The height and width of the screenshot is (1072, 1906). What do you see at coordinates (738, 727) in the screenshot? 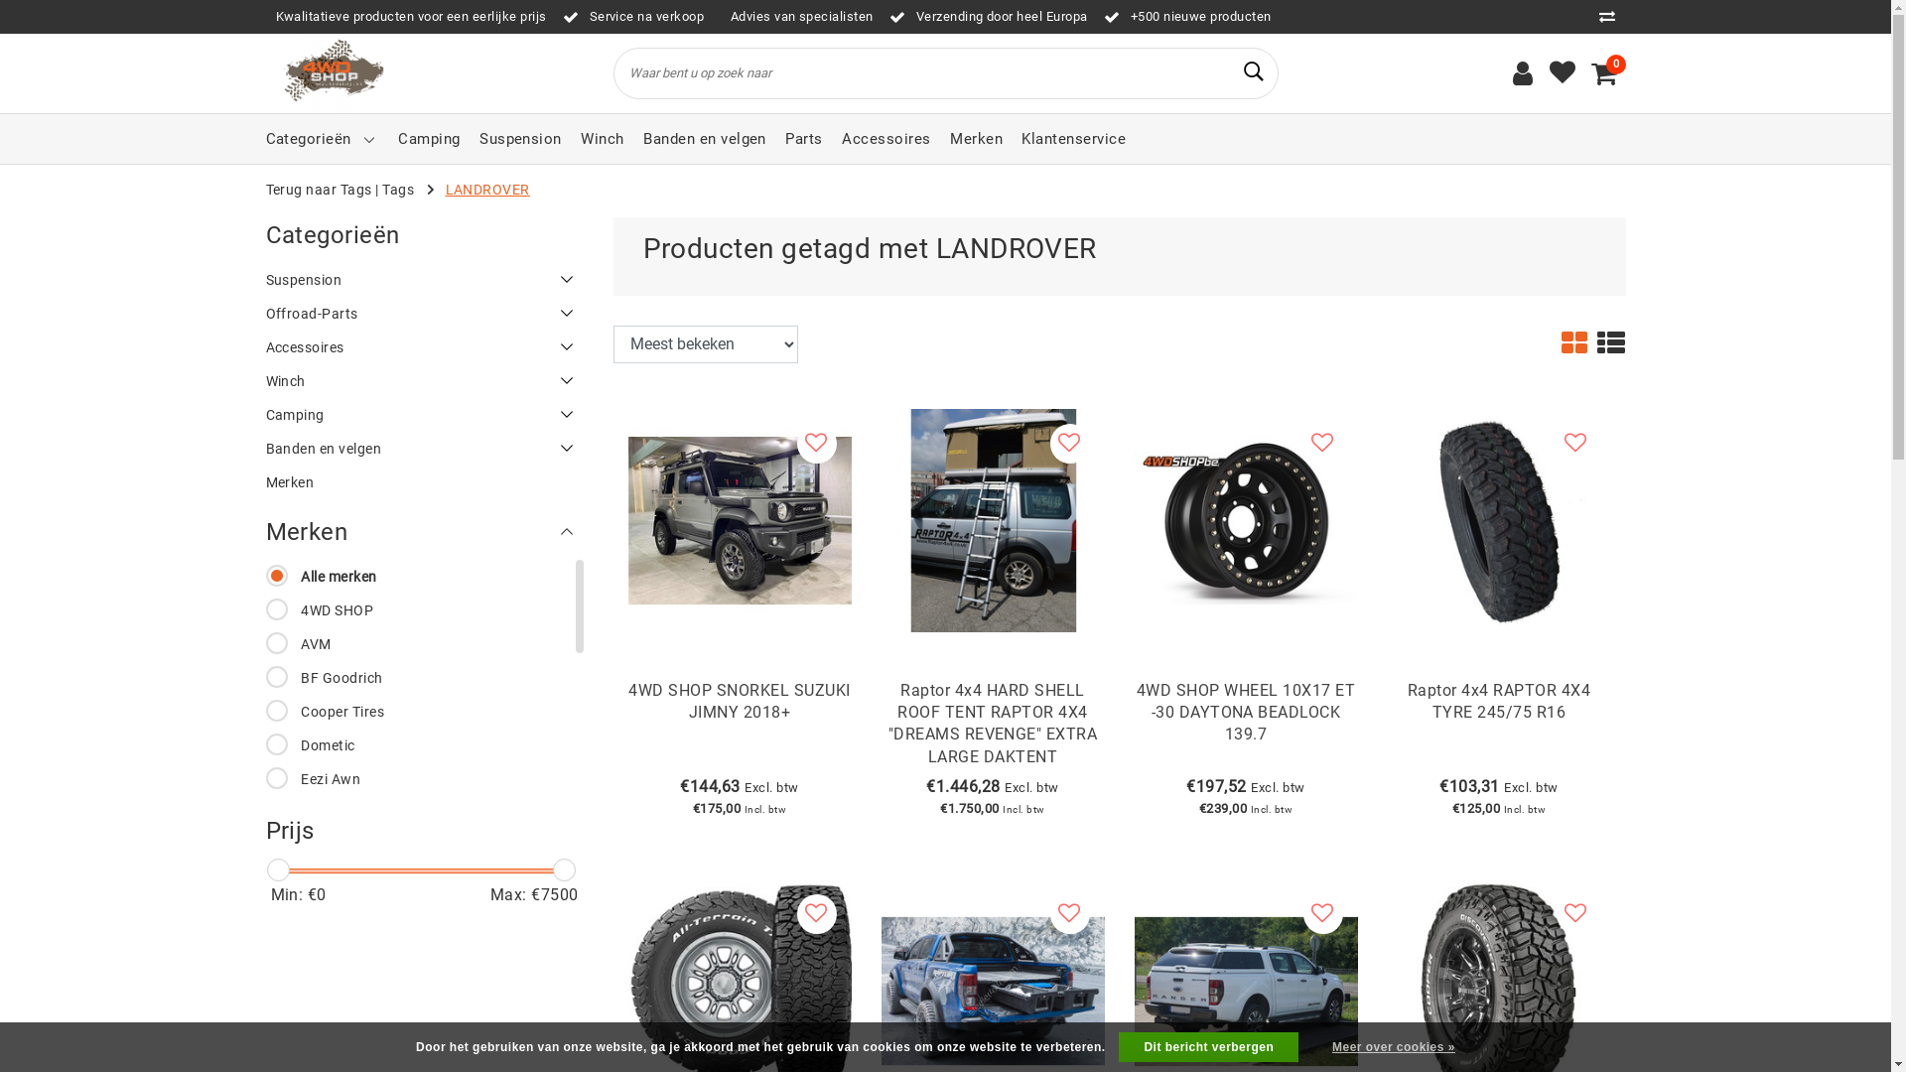
I see `'4WD SHOP SNORKEL SUZUKI JIMNY 2018+'` at bounding box center [738, 727].